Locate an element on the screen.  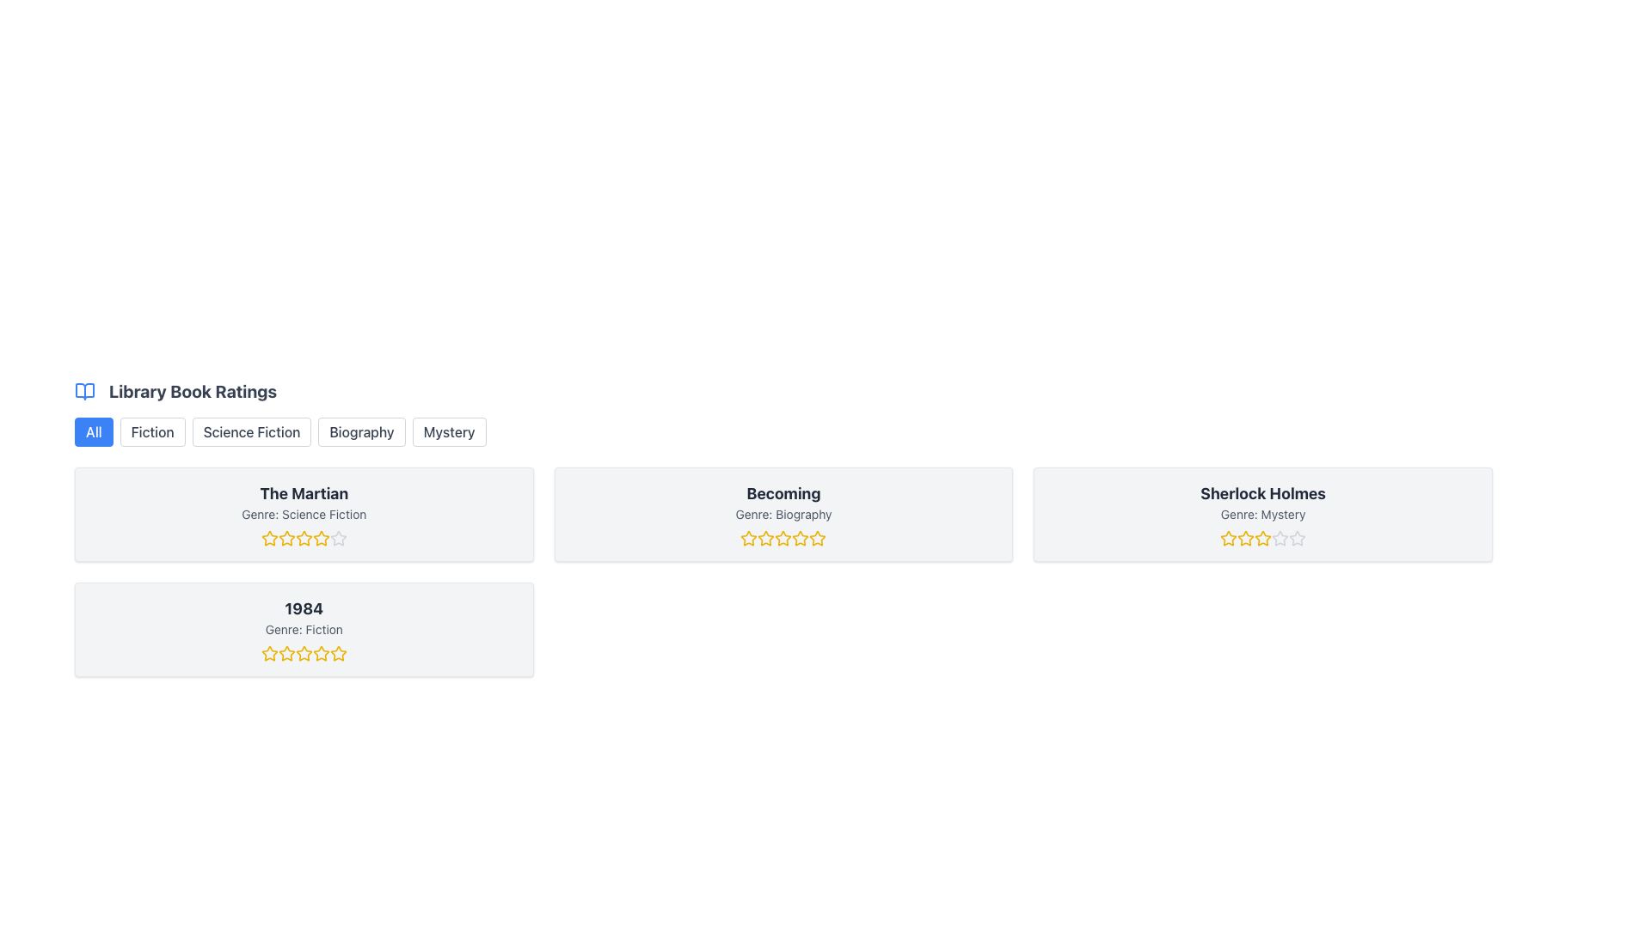
the second yellow star icon in the rating system under 'The Martian' in the 'Library Book Ratings' section is located at coordinates (268, 538).